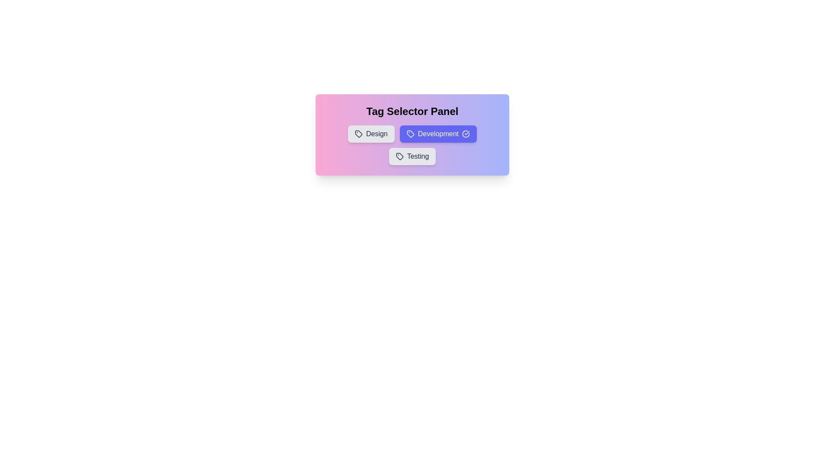 The height and width of the screenshot is (467, 830). What do you see at coordinates (371, 134) in the screenshot?
I see `the tag Design to observe the hover effect` at bounding box center [371, 134].